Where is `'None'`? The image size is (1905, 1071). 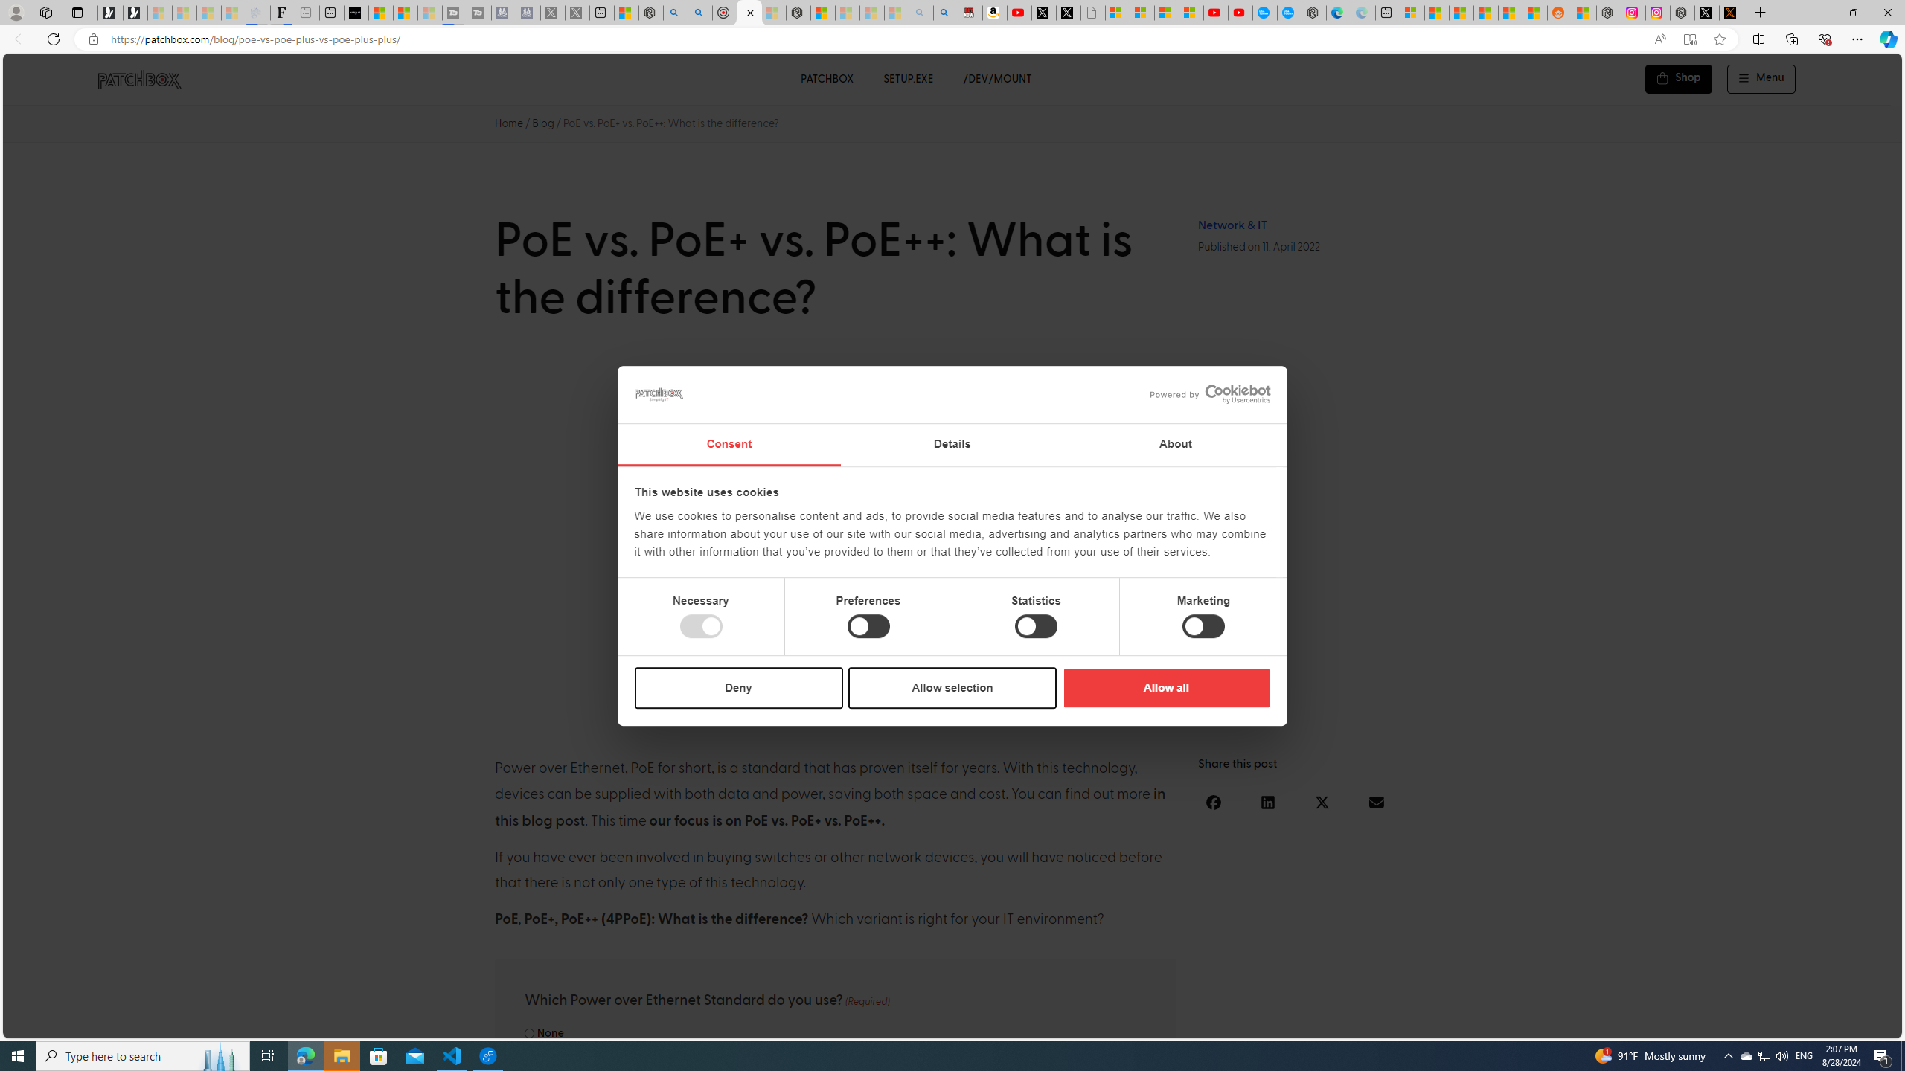
'None' is located at coordinates (528, 1033).